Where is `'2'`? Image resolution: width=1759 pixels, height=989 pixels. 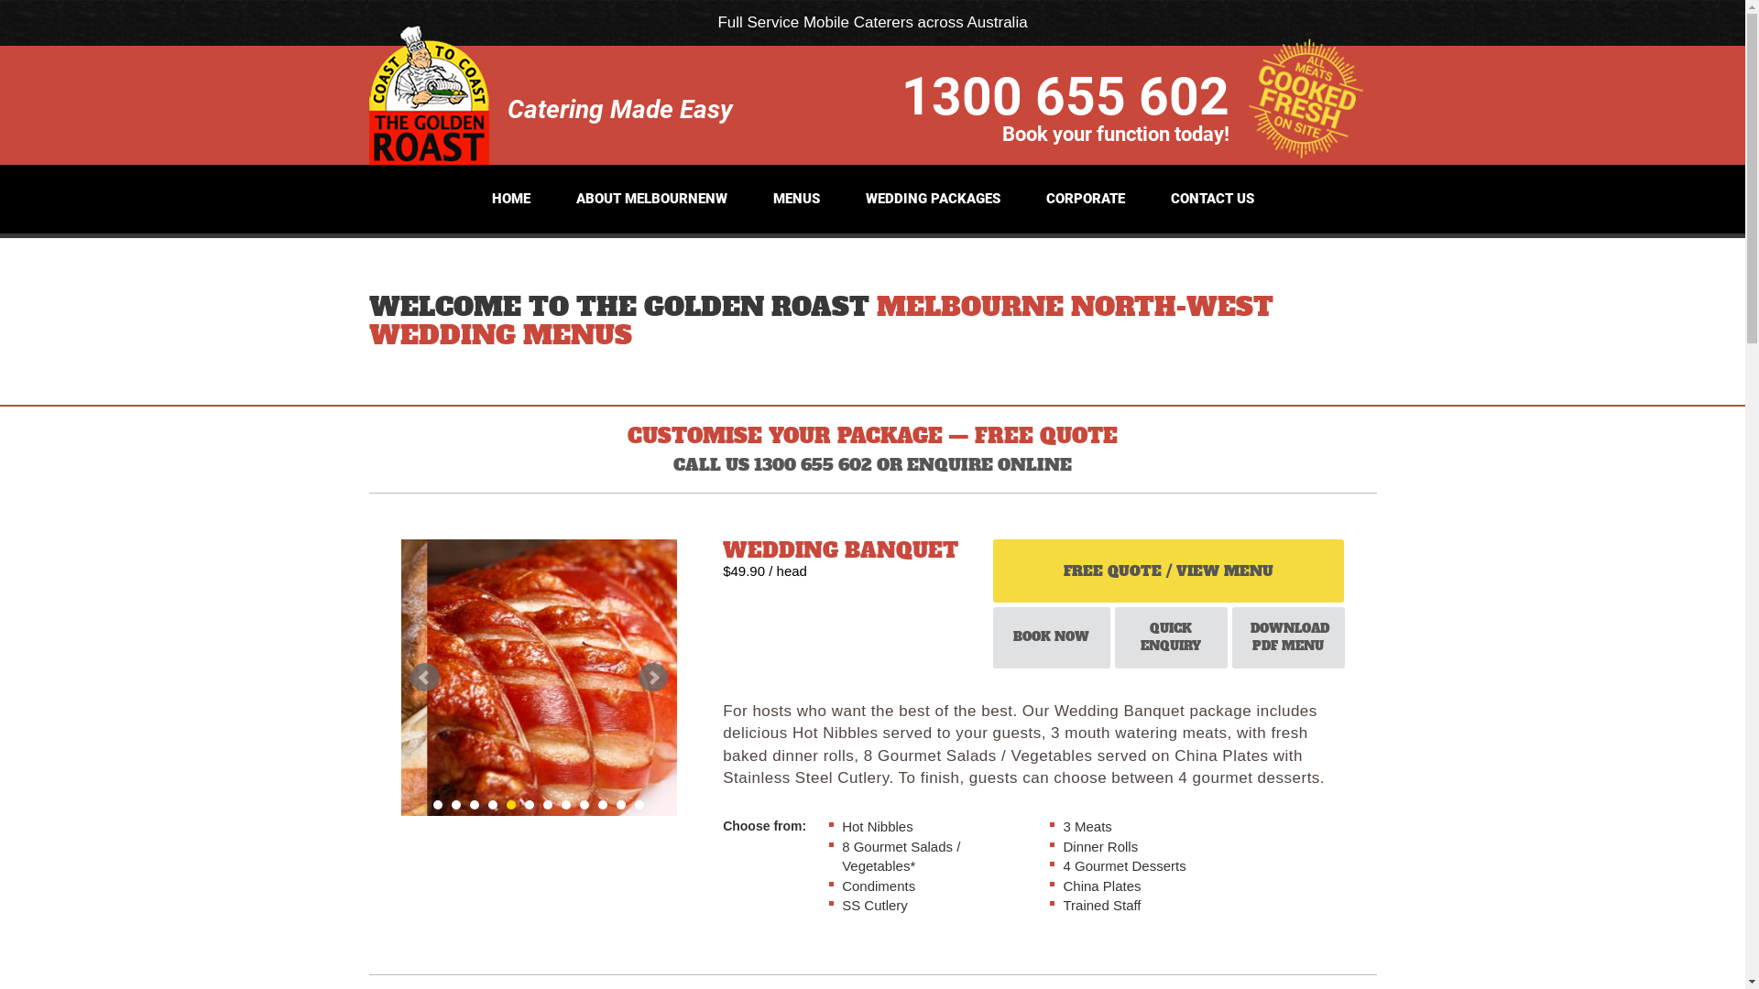
'2' is located at coordinates (456, 804).